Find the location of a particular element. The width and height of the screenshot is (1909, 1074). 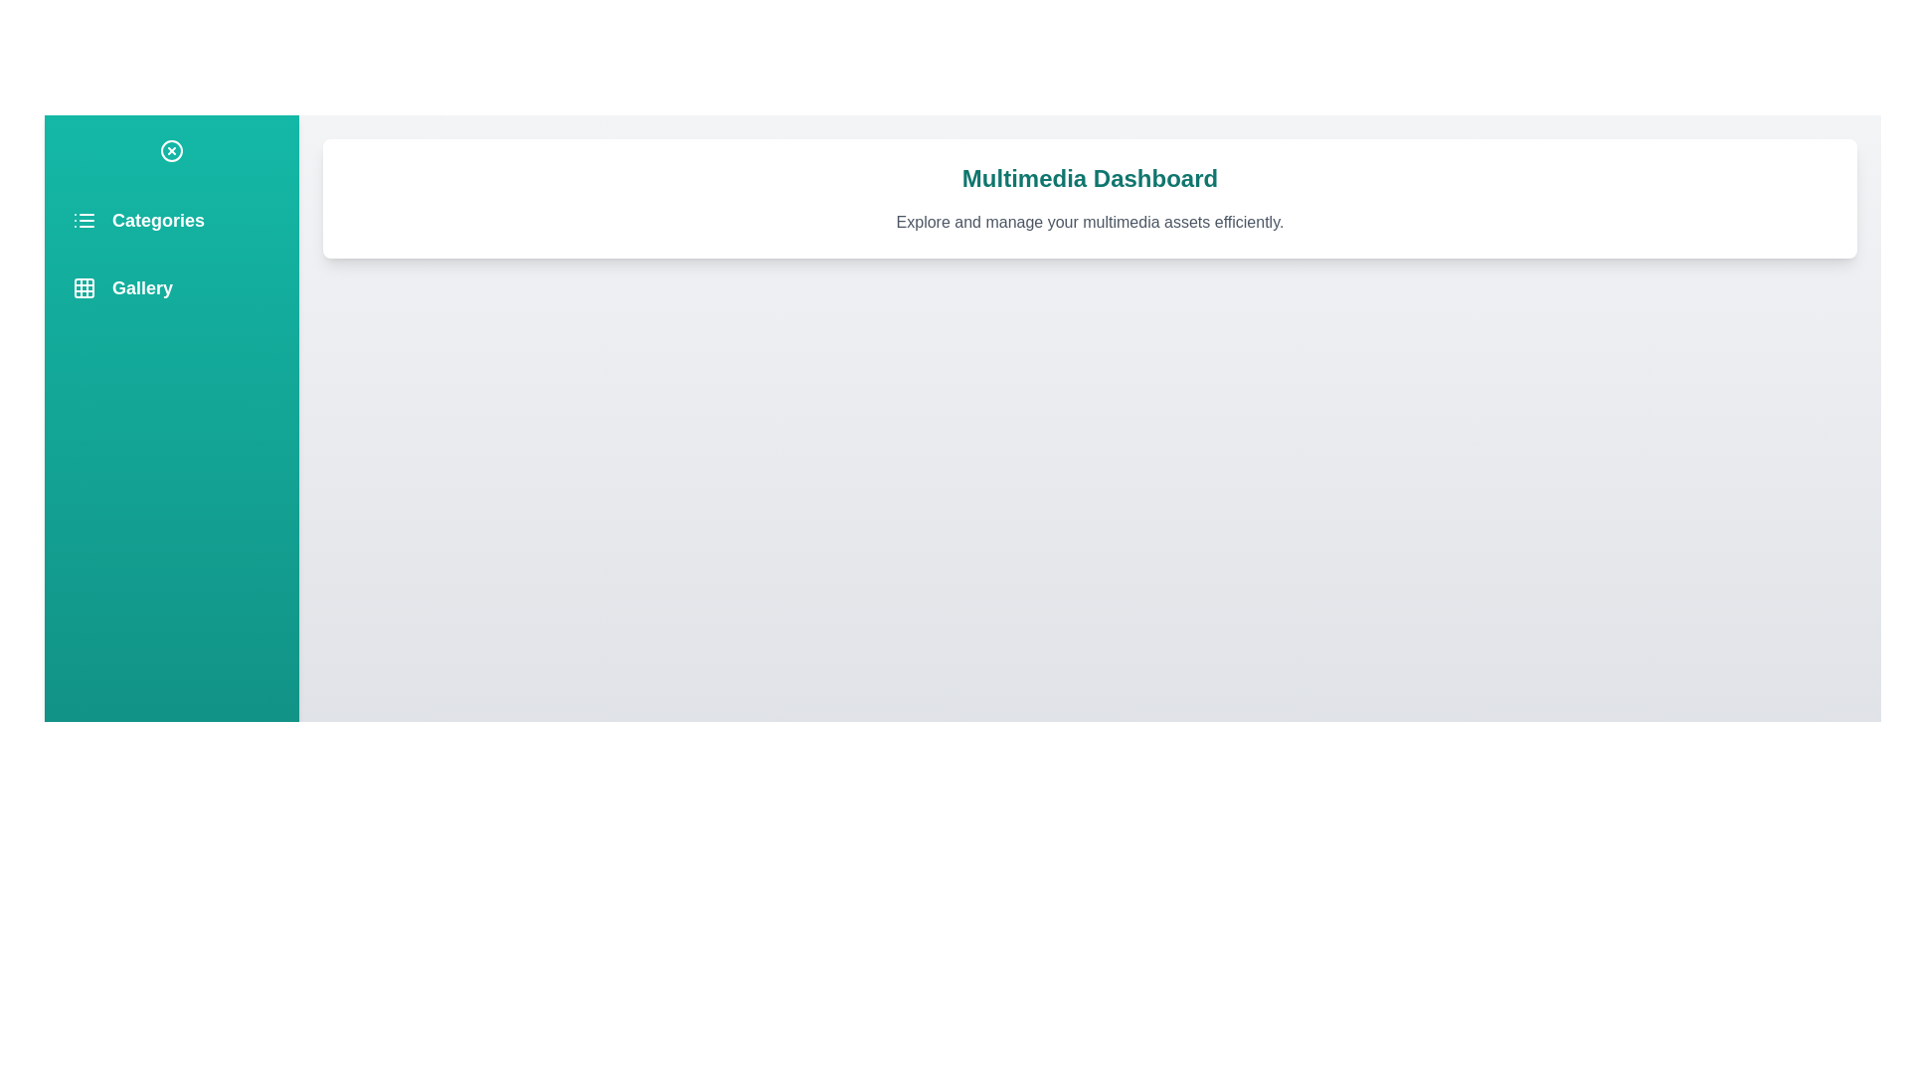

the text area containing 'Explore and manage your multimedia assets efficiently.' is located at coordinates (1089, 222).